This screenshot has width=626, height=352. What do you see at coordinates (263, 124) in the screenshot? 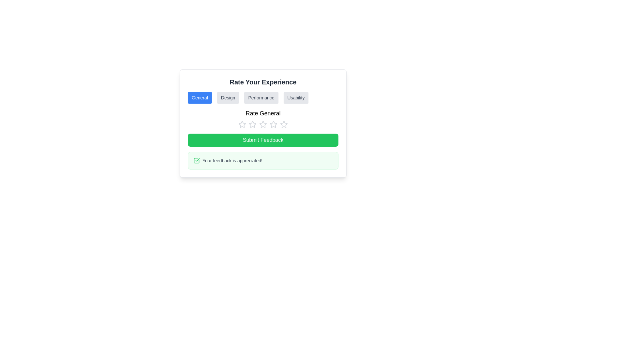
I see `the third outlined star icon in the rating interface, which is gray and inactive, located below the 'Rate General' heading in the 'Rate Your Experience' section` at bounding box center [263, 124].